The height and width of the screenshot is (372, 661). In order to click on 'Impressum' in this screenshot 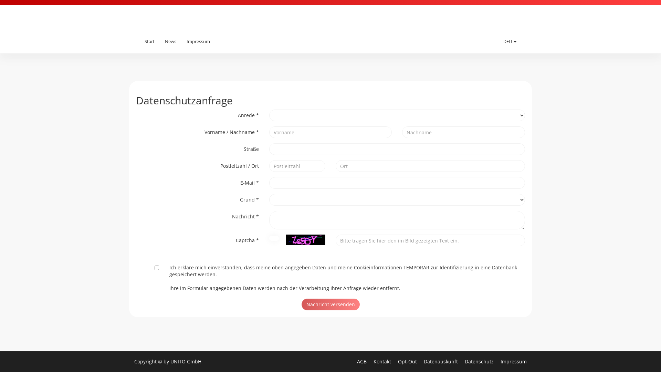, I will do `click(514, 361)`.